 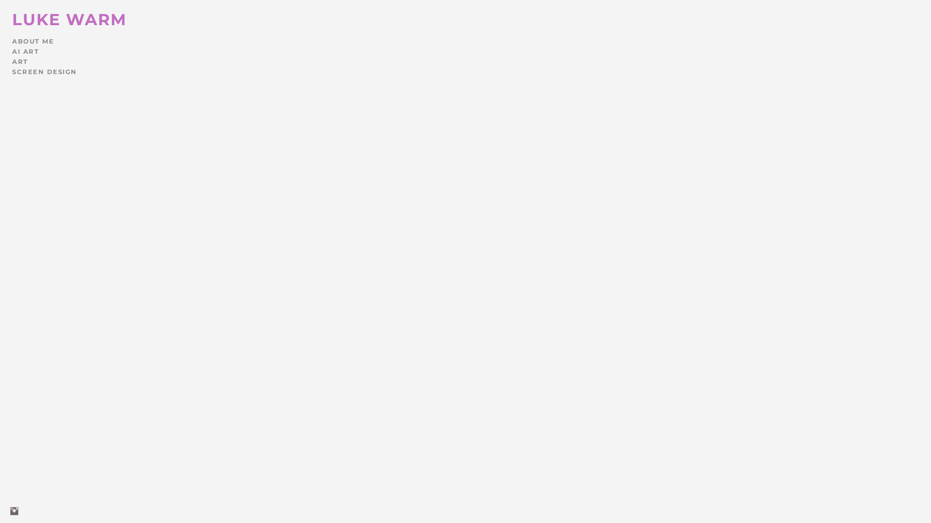 I want to click on 'ABOUT ME', so click(x=12, y=40).